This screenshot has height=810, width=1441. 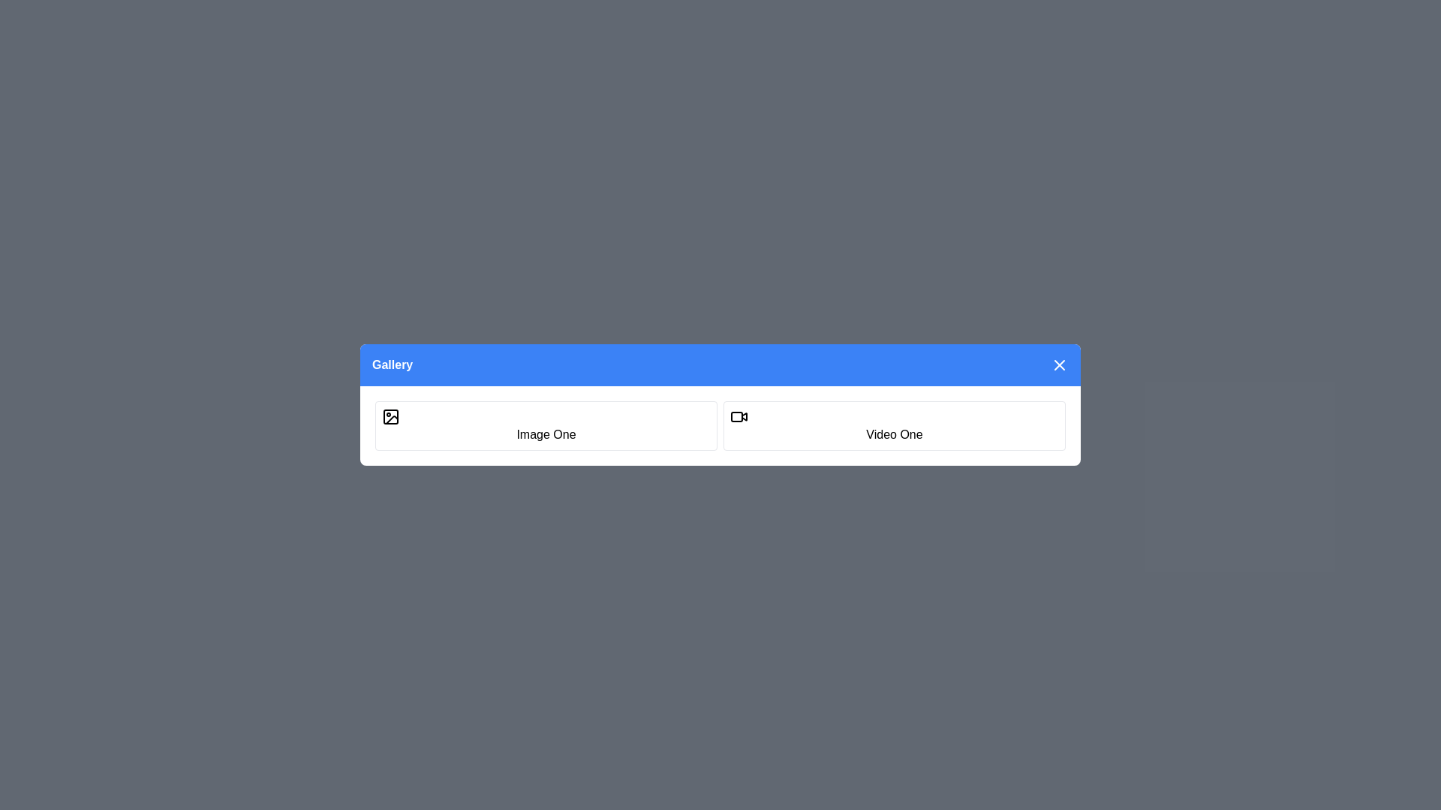 I want to click on the Icon component that is part of the Gallery interface, specifically located near the label 'Image One', so click(x=391, y=416).